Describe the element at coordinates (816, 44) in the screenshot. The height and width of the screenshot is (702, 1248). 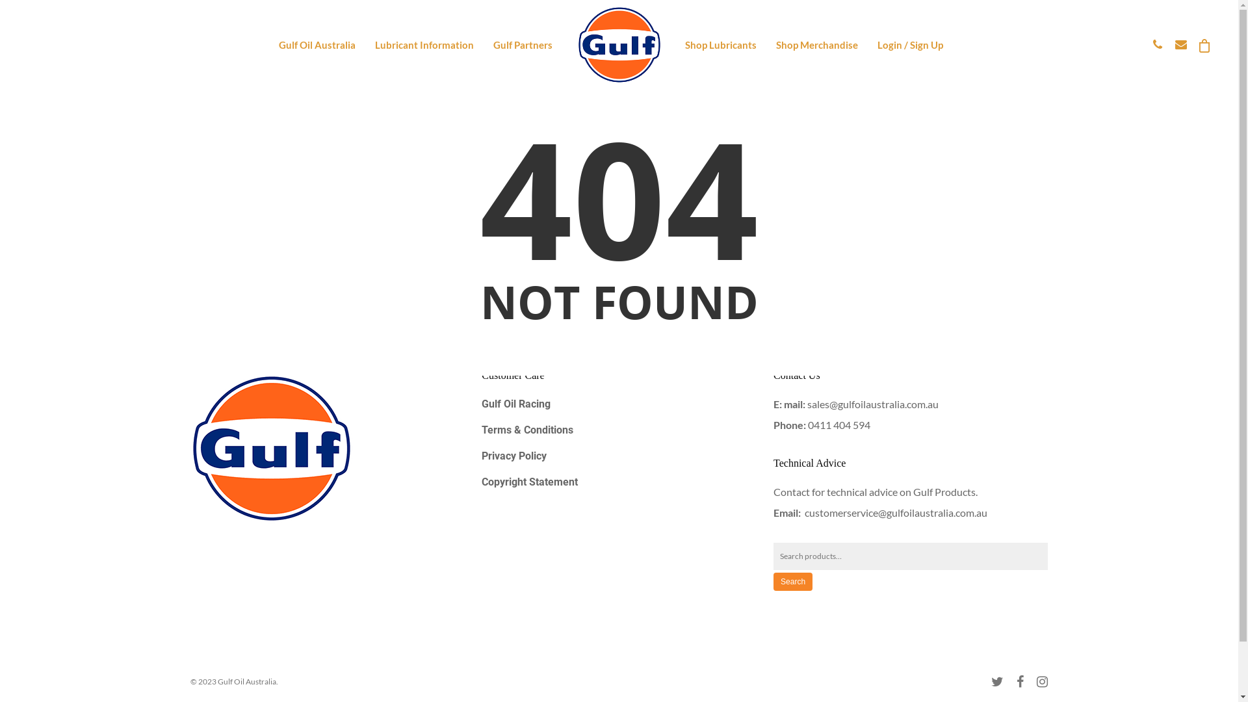
I see `'Shop Merchandise'` at that location.